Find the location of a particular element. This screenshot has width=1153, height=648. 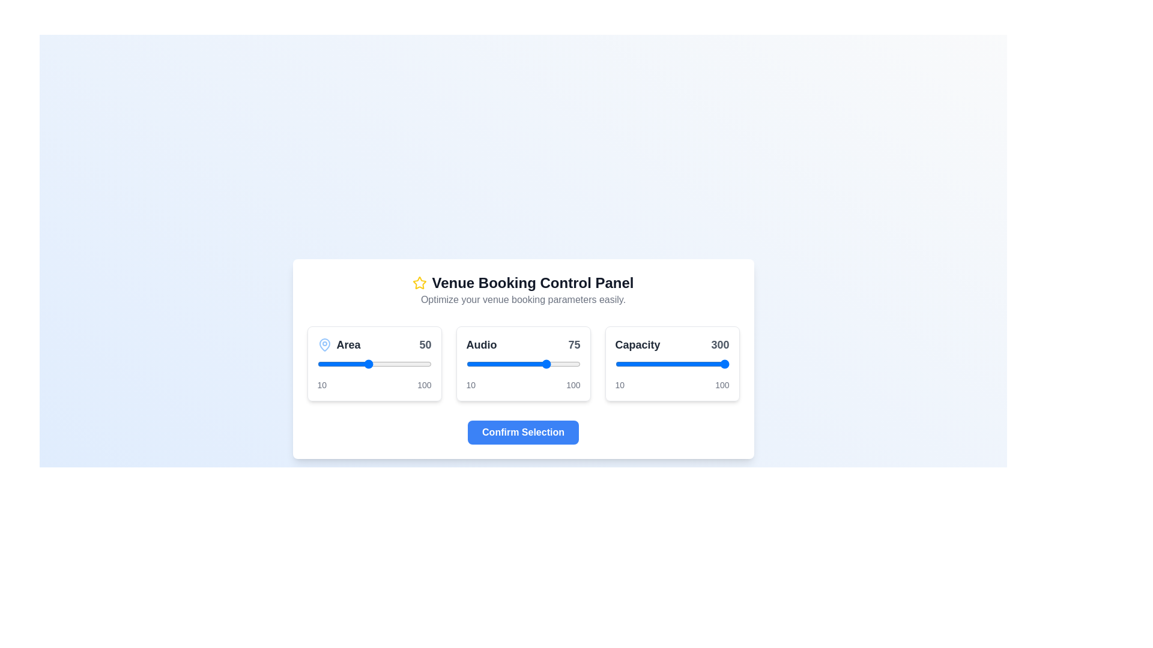

the audio level is located at coordinates (529, 363).